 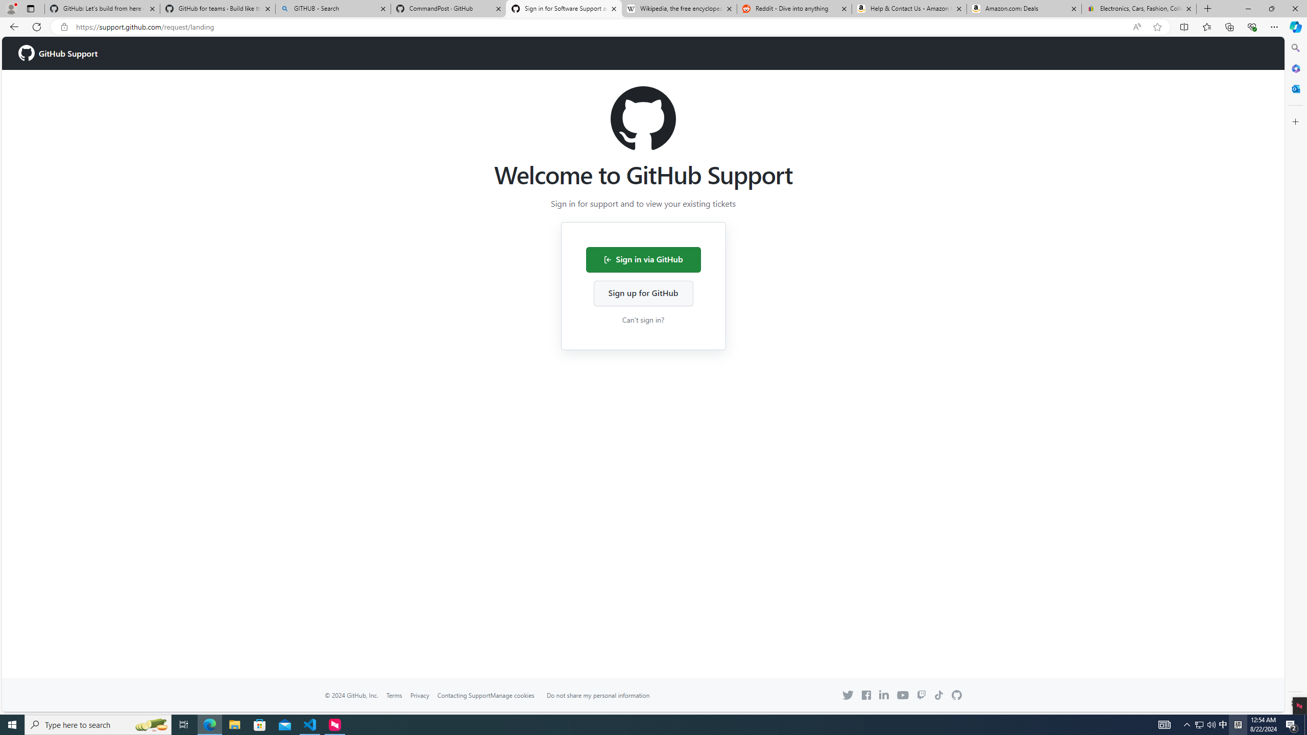 I want to click on 'Linkedin icon', so click(x=884, y=694).